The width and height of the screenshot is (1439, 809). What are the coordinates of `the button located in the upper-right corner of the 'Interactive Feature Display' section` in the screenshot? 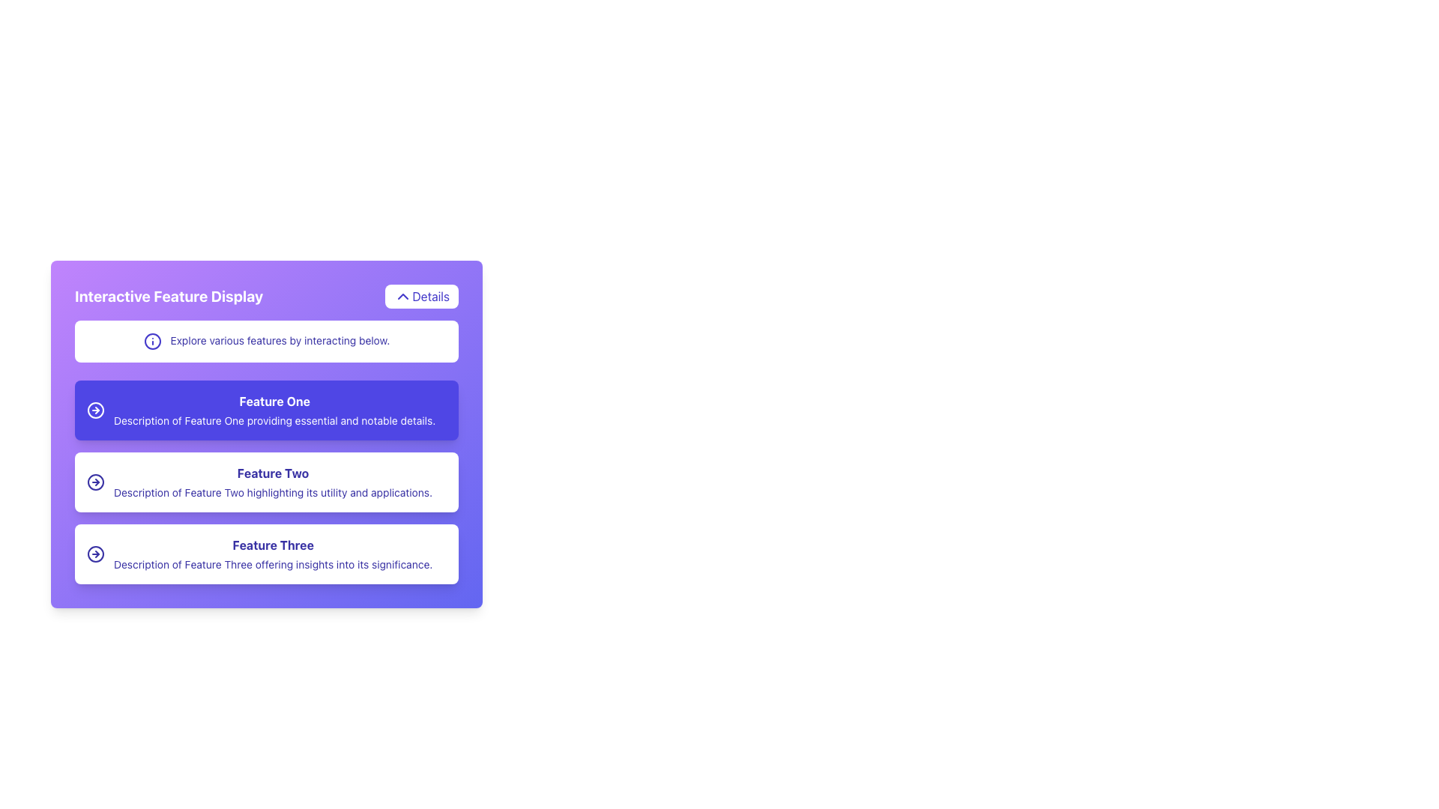 It's located at (421, 297).